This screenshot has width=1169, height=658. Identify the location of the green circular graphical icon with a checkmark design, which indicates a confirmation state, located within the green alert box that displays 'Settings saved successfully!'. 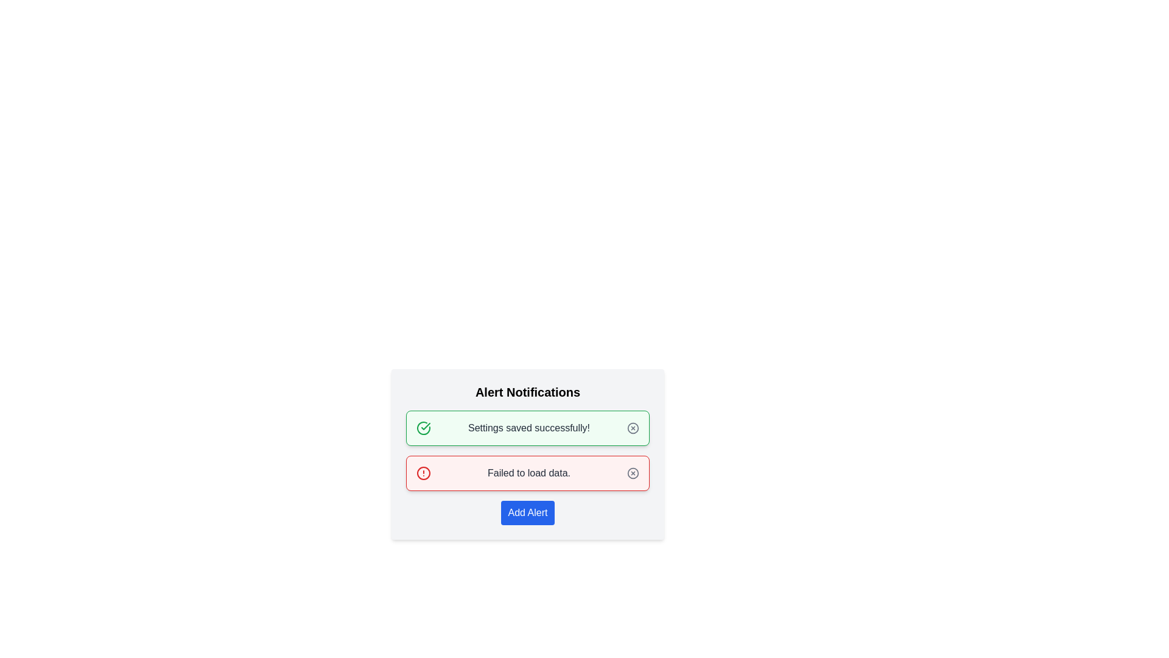
(424, 427).